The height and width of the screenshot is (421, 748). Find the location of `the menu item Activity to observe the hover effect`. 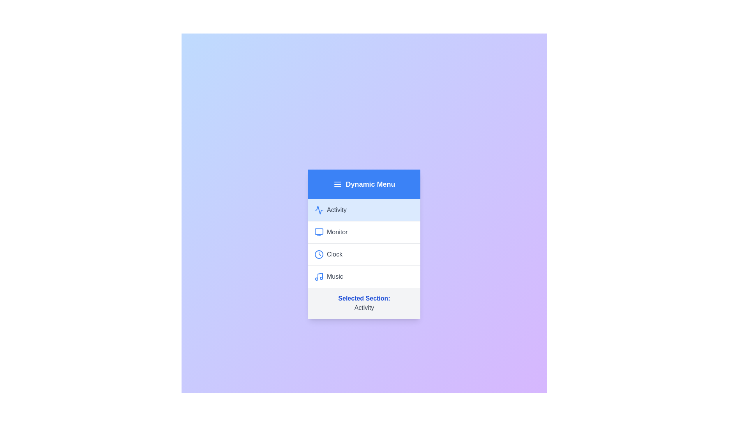

the menu item Activity to observe the hover effect is located at coordinates (364, 209).